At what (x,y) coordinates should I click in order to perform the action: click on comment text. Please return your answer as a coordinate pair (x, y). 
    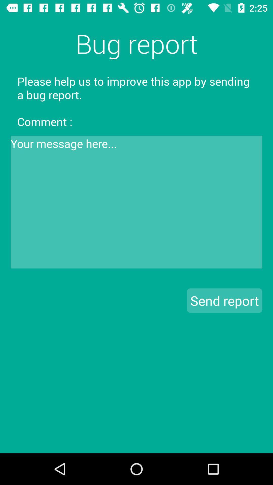
    Looking at the image, I should click on (136, 202).